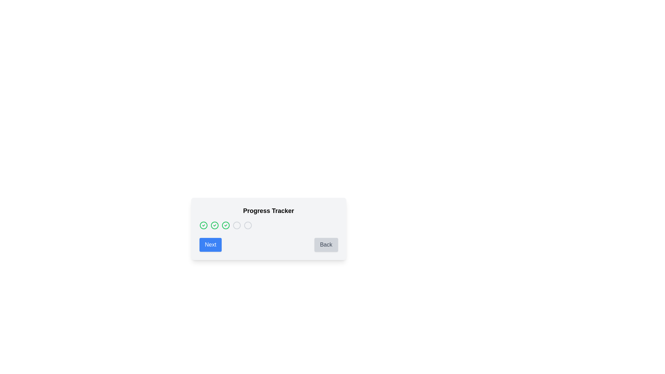 The width and height of the screenshot is (665, 374). Describe the element at coordinates (214, 225) in the screenshot. I see `the circular icon with a green border and a smaller green checkmark icon, which serves as a status indicator in the progress tracker interface` at that location.